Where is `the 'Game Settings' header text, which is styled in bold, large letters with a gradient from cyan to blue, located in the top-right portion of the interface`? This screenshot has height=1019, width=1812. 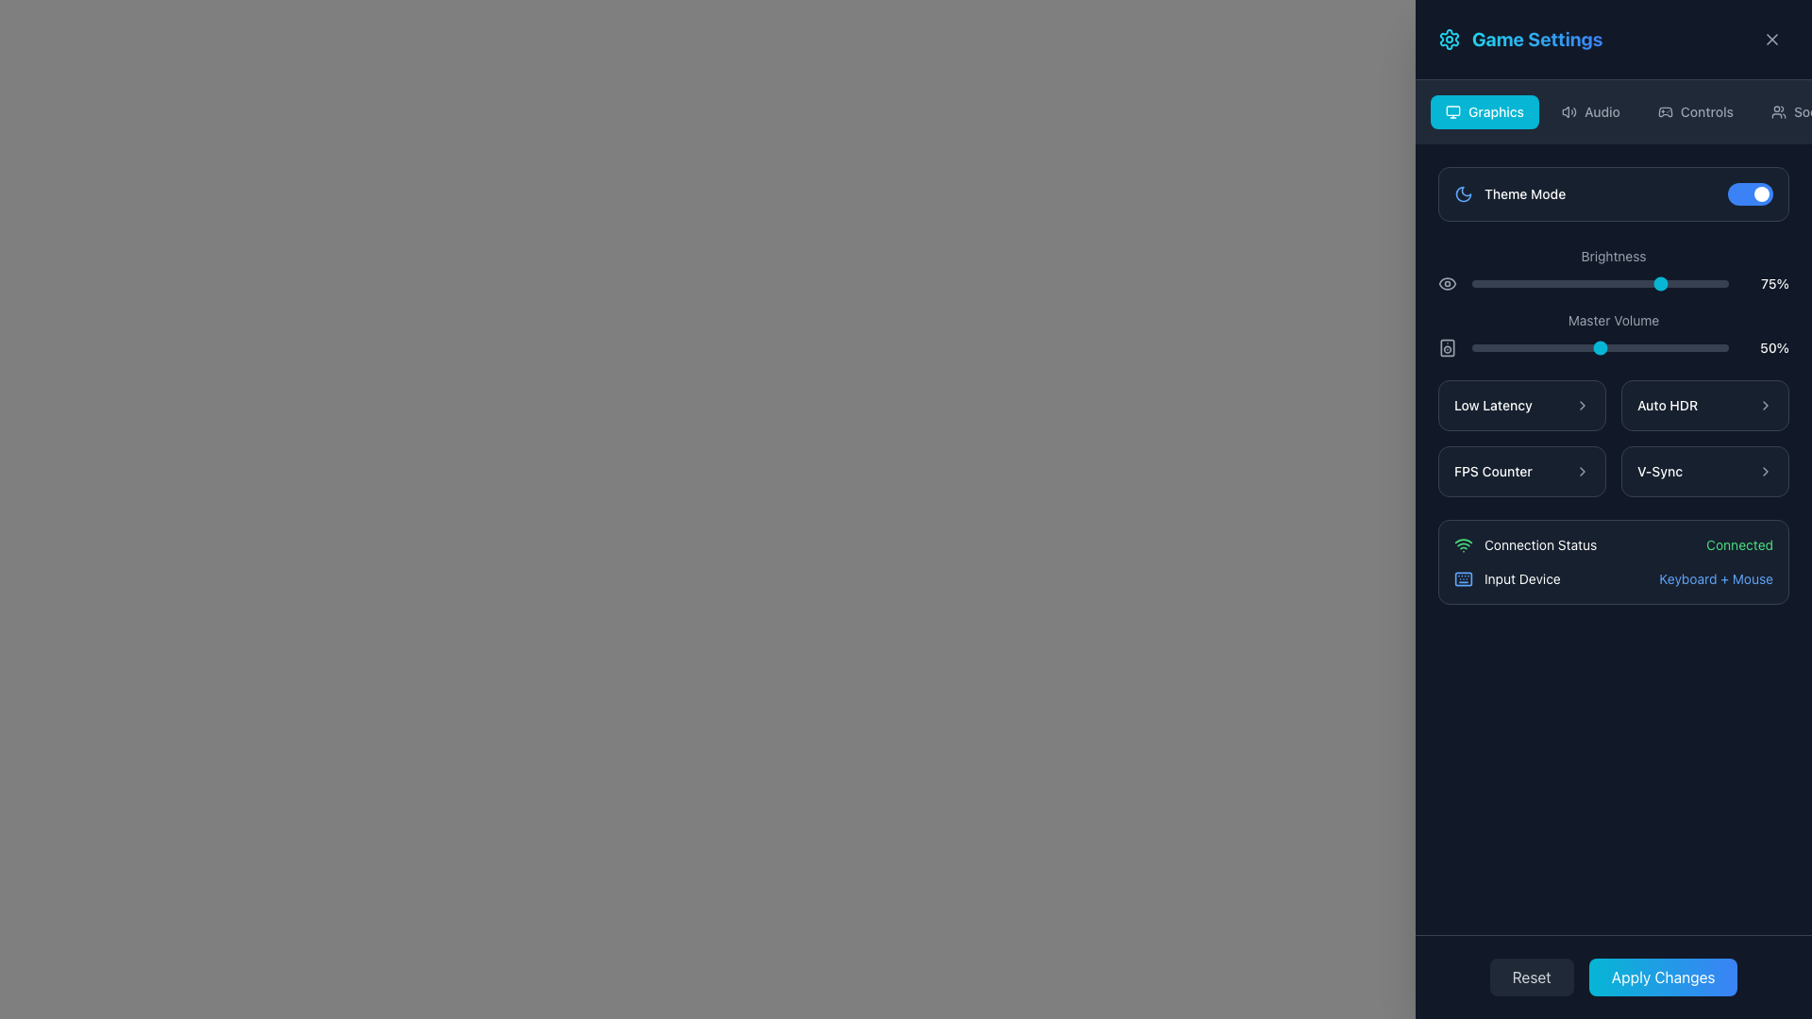 the 'Game Settings' header text, which is styled in bold, large letters with a gradient from cyan to blue, located in the top-right portion of the interface is located at coordinates (1537, 40).